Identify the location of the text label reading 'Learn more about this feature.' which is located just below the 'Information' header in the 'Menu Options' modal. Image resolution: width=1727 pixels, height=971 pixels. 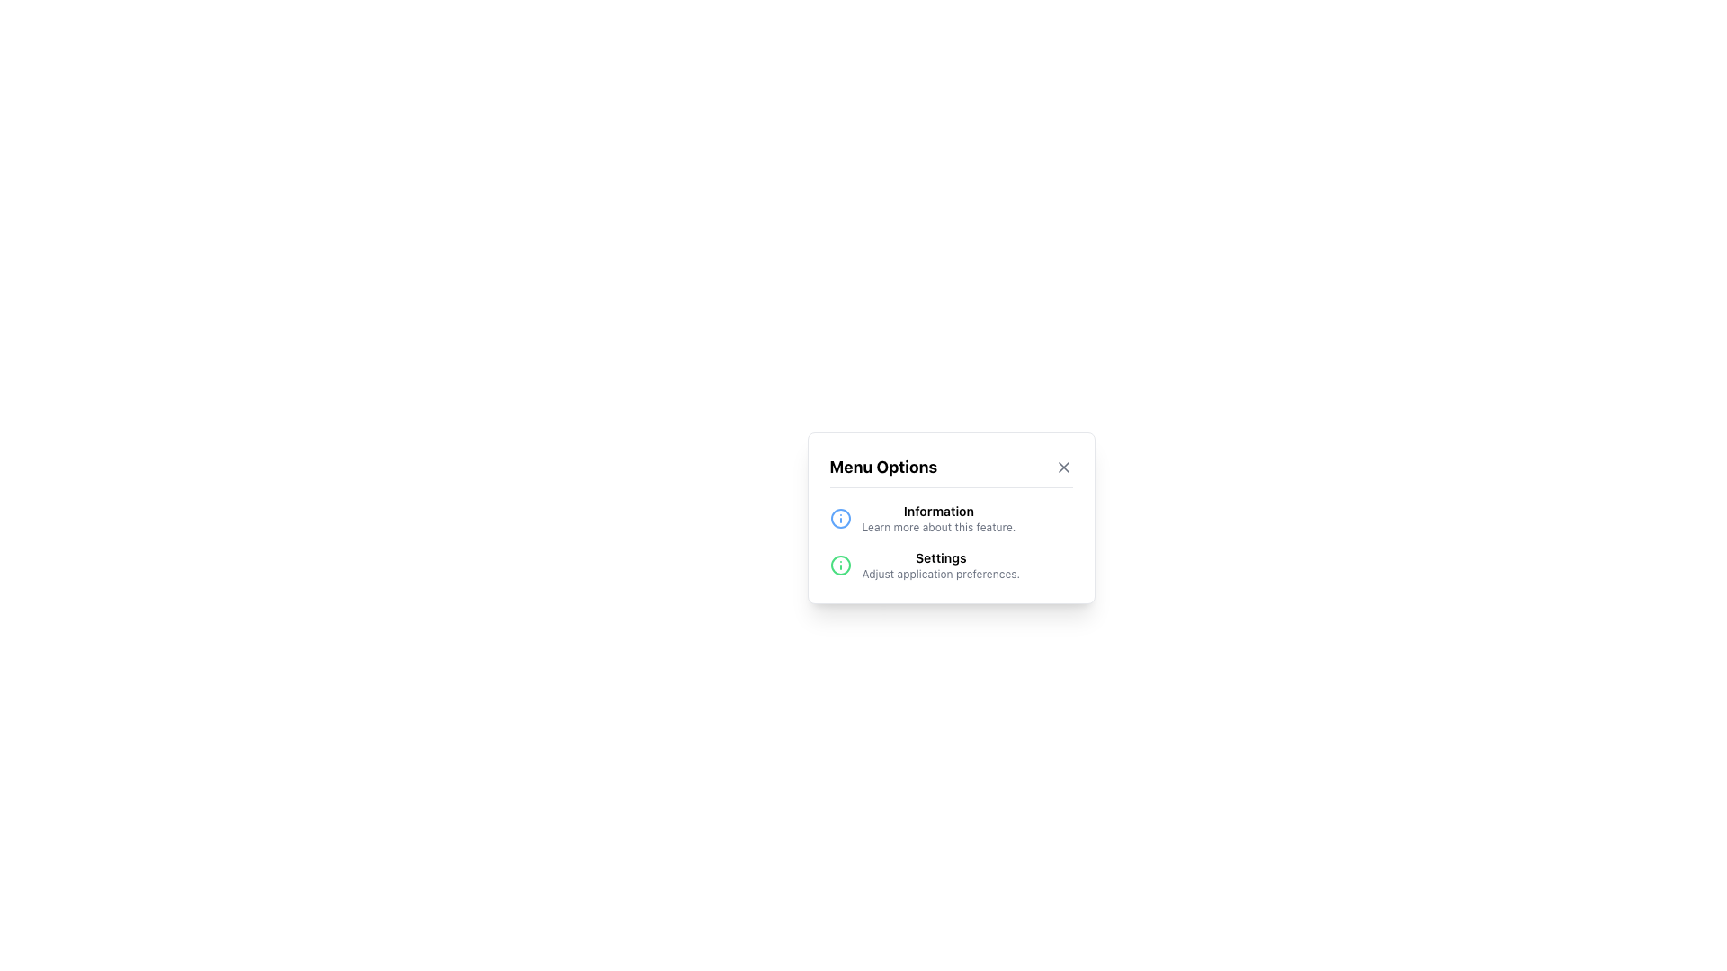
(937, 526).